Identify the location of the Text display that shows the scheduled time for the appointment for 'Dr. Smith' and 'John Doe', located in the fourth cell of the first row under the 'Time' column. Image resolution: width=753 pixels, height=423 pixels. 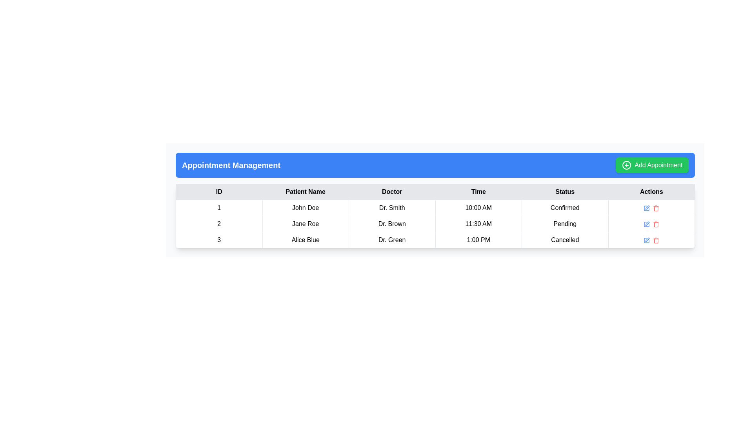
(478, 208).